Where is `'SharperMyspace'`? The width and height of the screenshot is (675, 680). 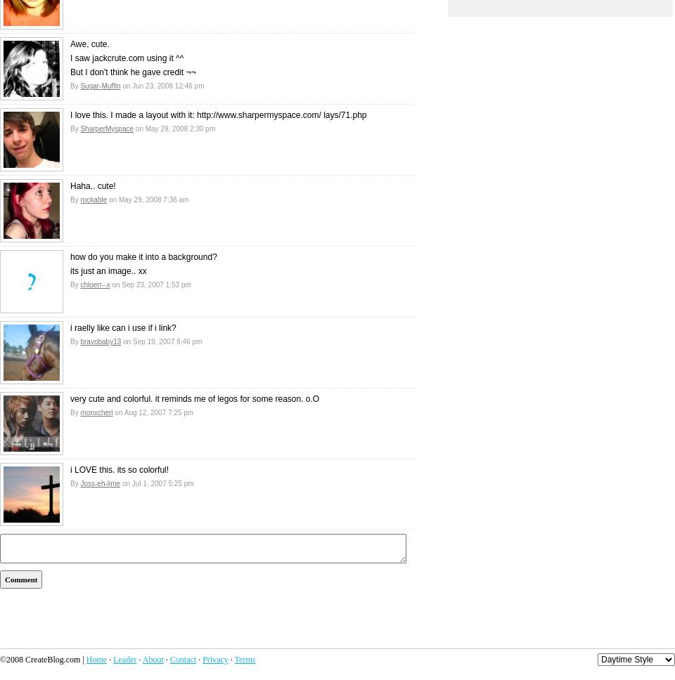 'SharperMyspace' is located at coordinates (105, 129).